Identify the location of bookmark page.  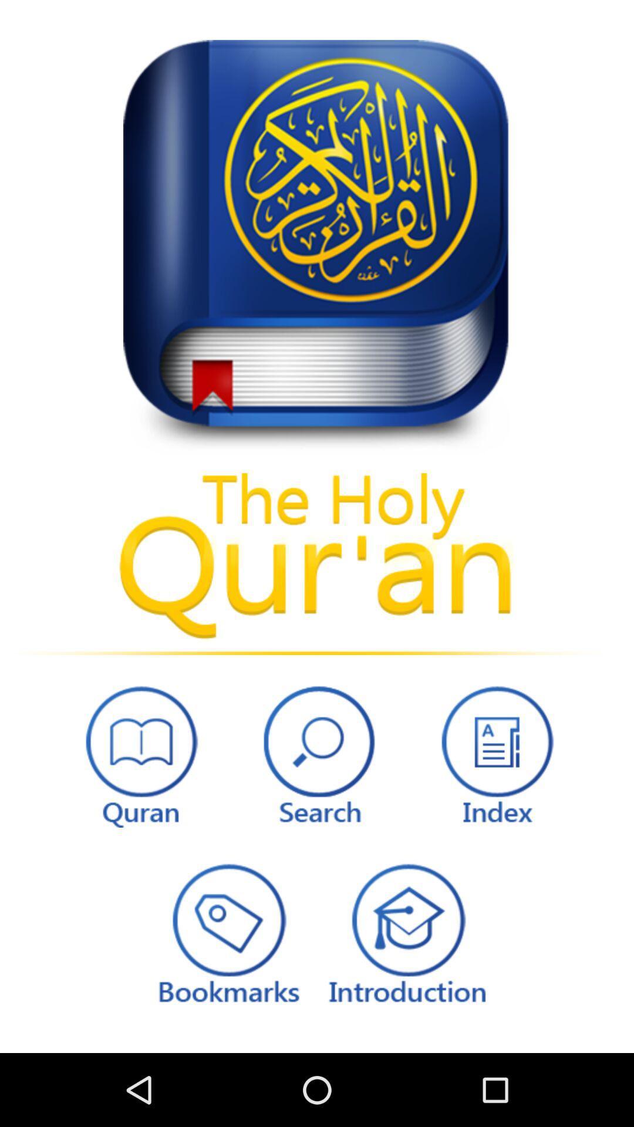
(227, 932).